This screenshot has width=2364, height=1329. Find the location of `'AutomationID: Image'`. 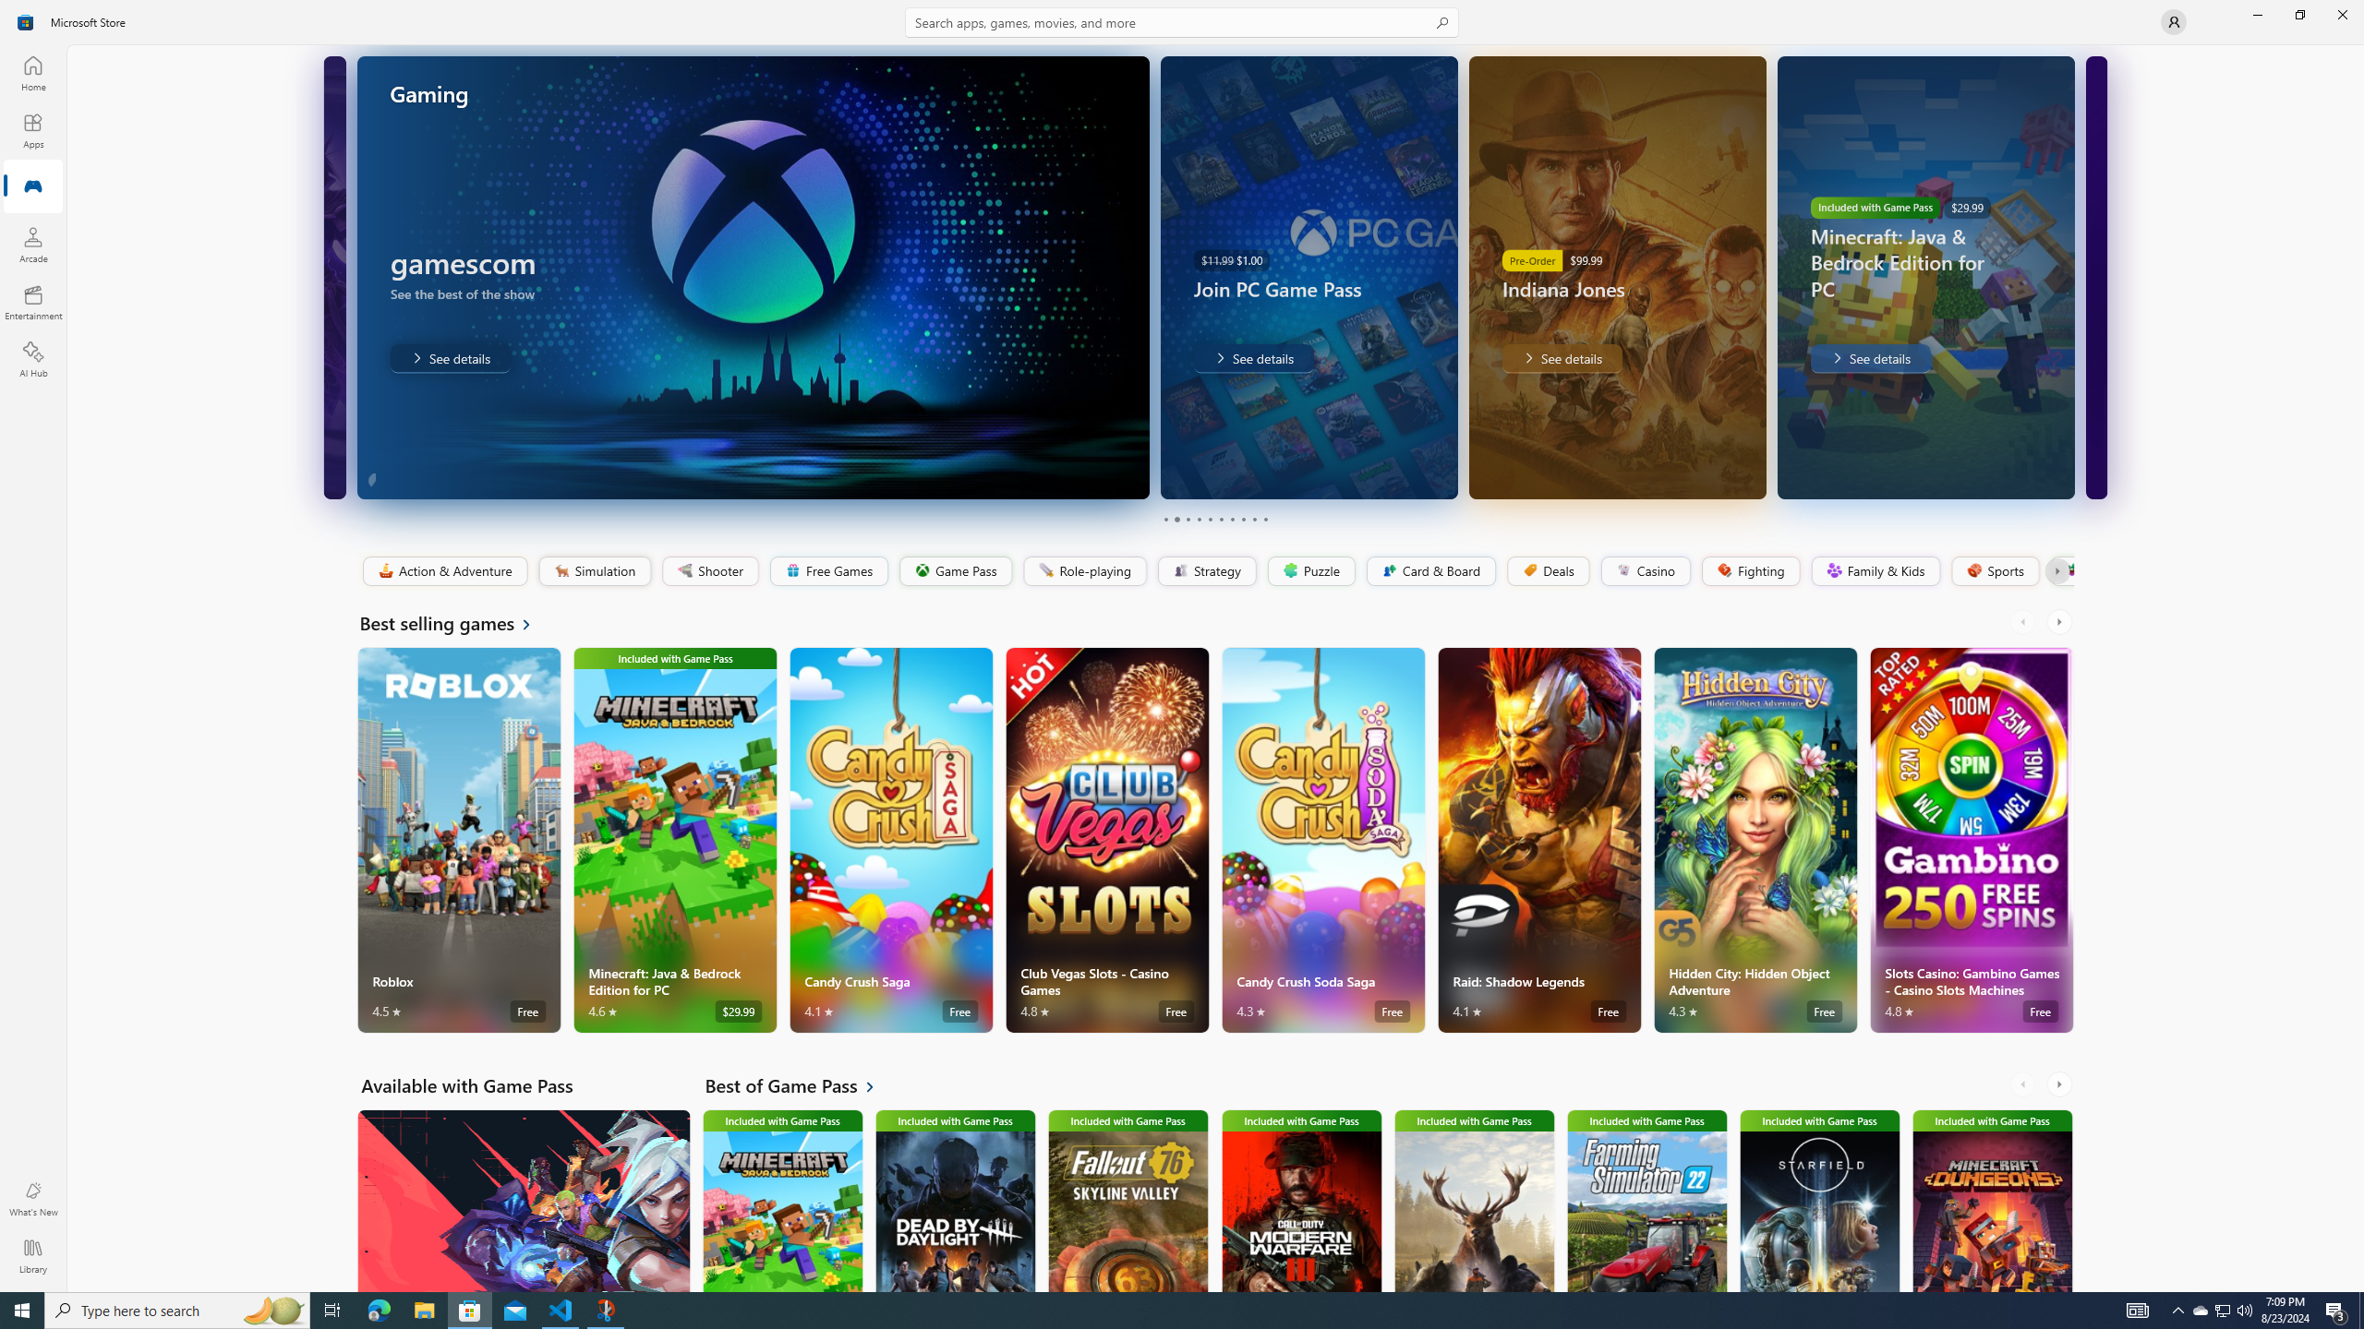

'AutomationID: Image' is located at coordinates (2094, 276).